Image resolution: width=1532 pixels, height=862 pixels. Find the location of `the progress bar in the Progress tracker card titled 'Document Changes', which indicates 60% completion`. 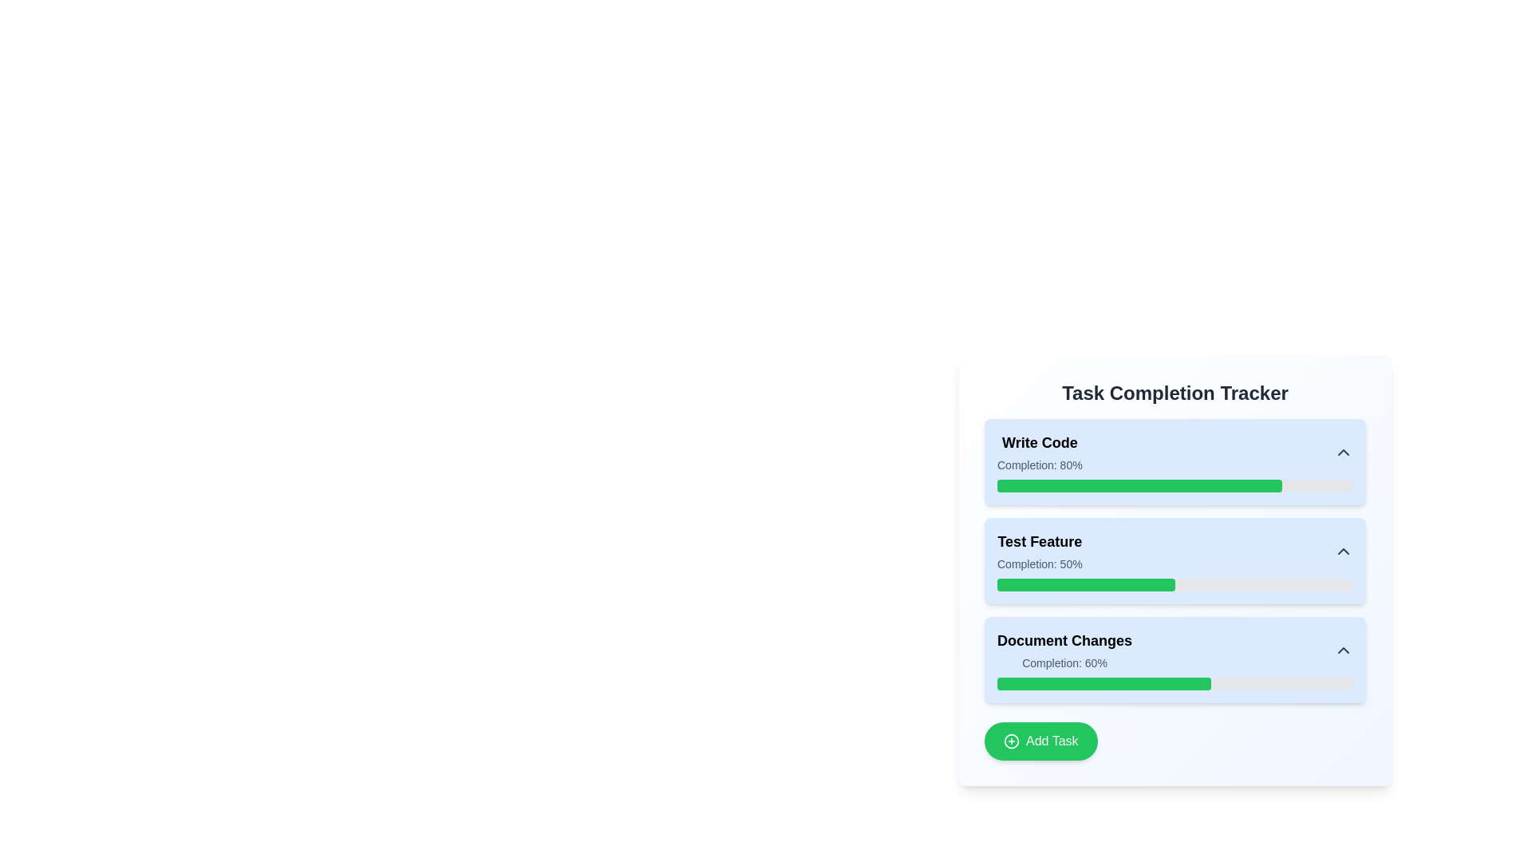

the progress bar in the Progress tracker card titled 'Document Changes', which indicates 60% completion is located at coordinates (1175, 659).